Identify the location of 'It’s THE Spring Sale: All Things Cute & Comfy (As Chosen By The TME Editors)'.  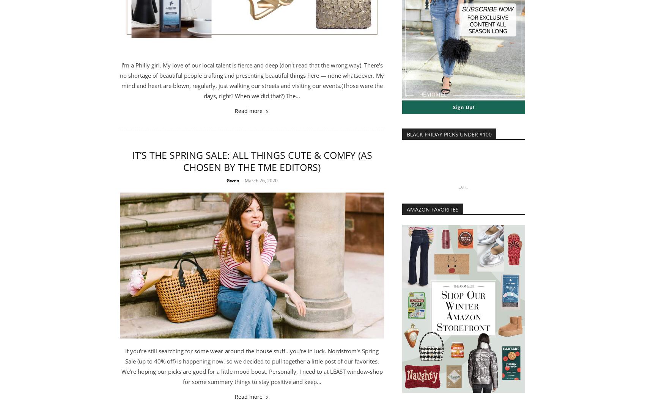
(131, 161).